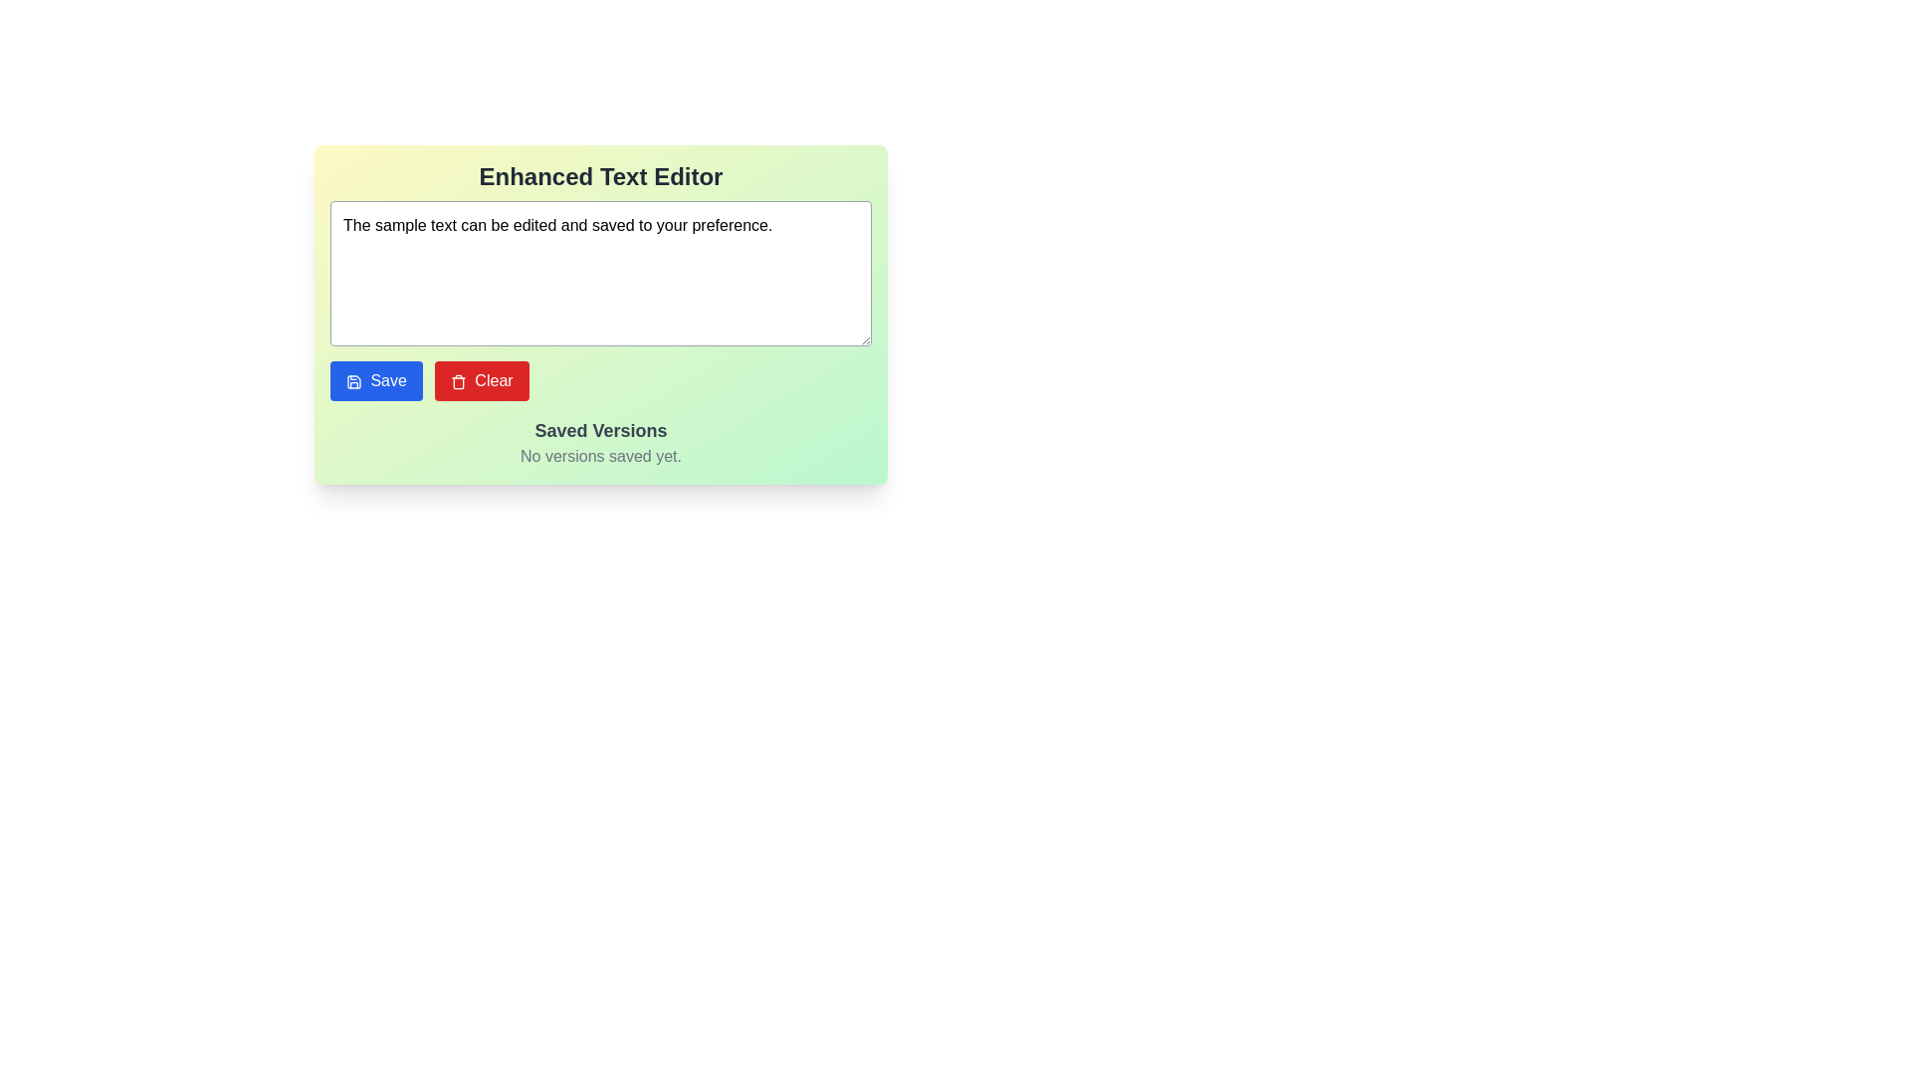  Describe the element at coordinates (482, 380) in the screenshot. I see `the 'Clear' button with a red background and white text, located below the text input area to clear the text input` at that location.